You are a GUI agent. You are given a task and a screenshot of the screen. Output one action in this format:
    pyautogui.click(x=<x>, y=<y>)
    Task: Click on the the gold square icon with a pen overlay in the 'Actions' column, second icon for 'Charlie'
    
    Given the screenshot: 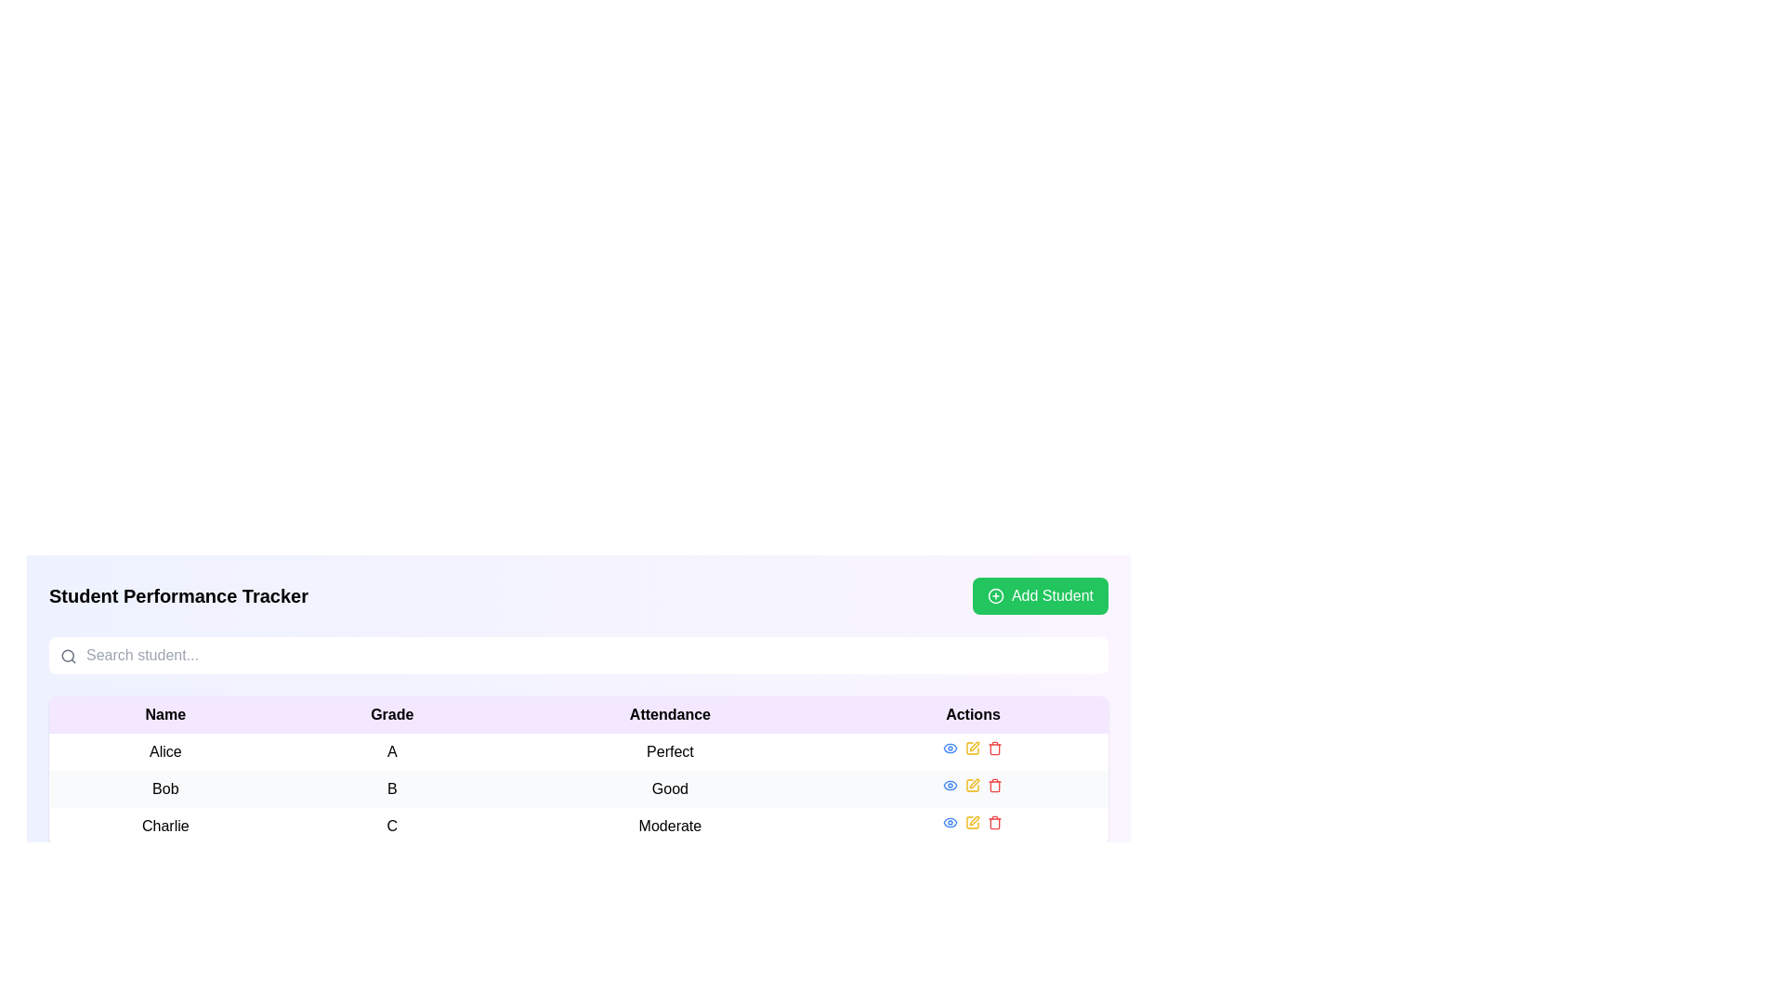 What is the action you would take?
    pyautogui.click(x=972, y=822)
    